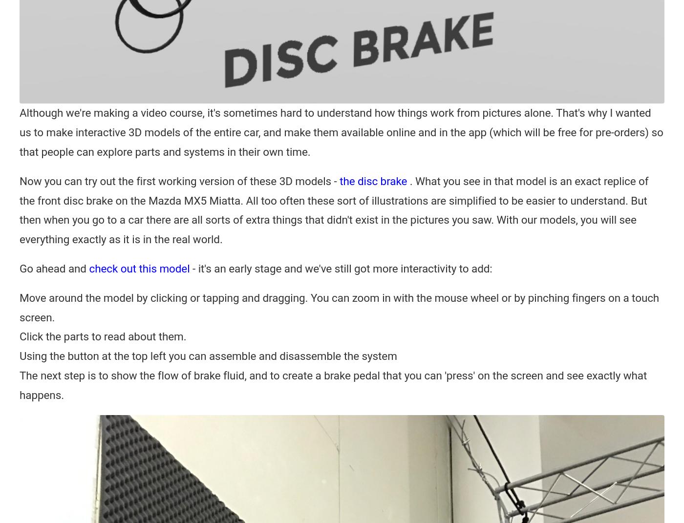 This screenshot has height=523, width=684. Describe the element at coordinates (54, 268) in the screenshot. I see `'Go ahead and'` at that location.